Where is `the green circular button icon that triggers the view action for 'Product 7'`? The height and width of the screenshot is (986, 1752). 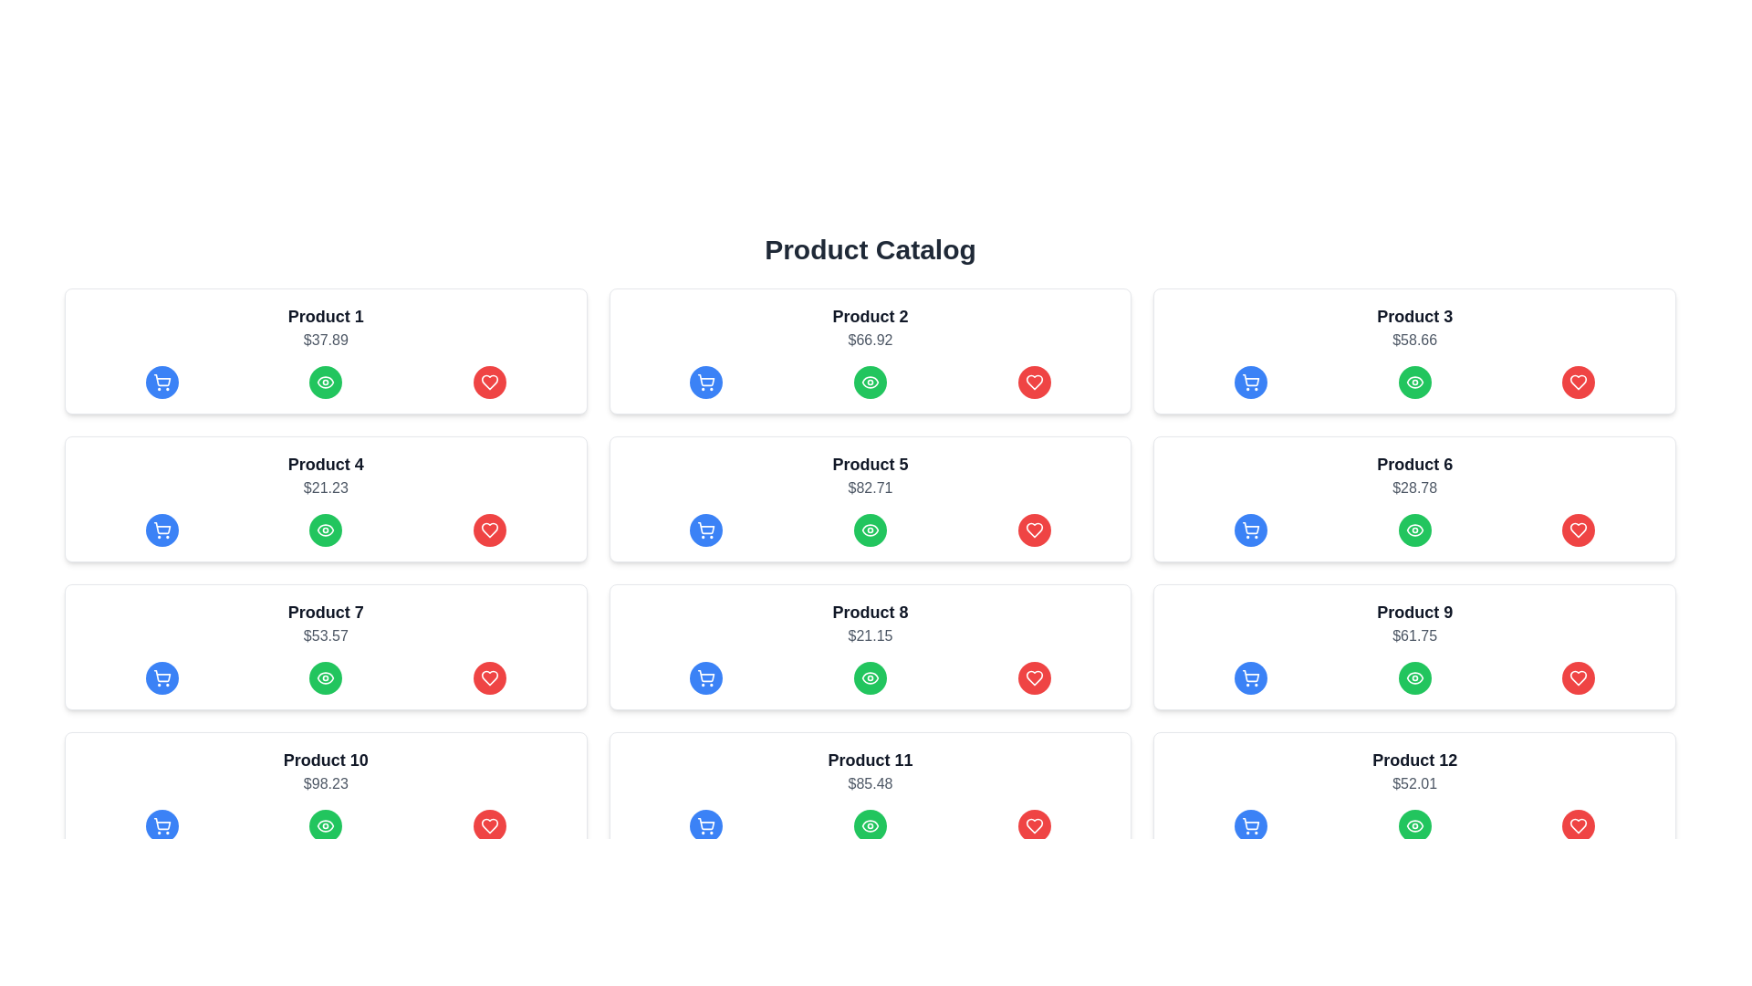 the green circular button icon that triggers the view action for 'Product 7' is located at coordinates (326, 678).